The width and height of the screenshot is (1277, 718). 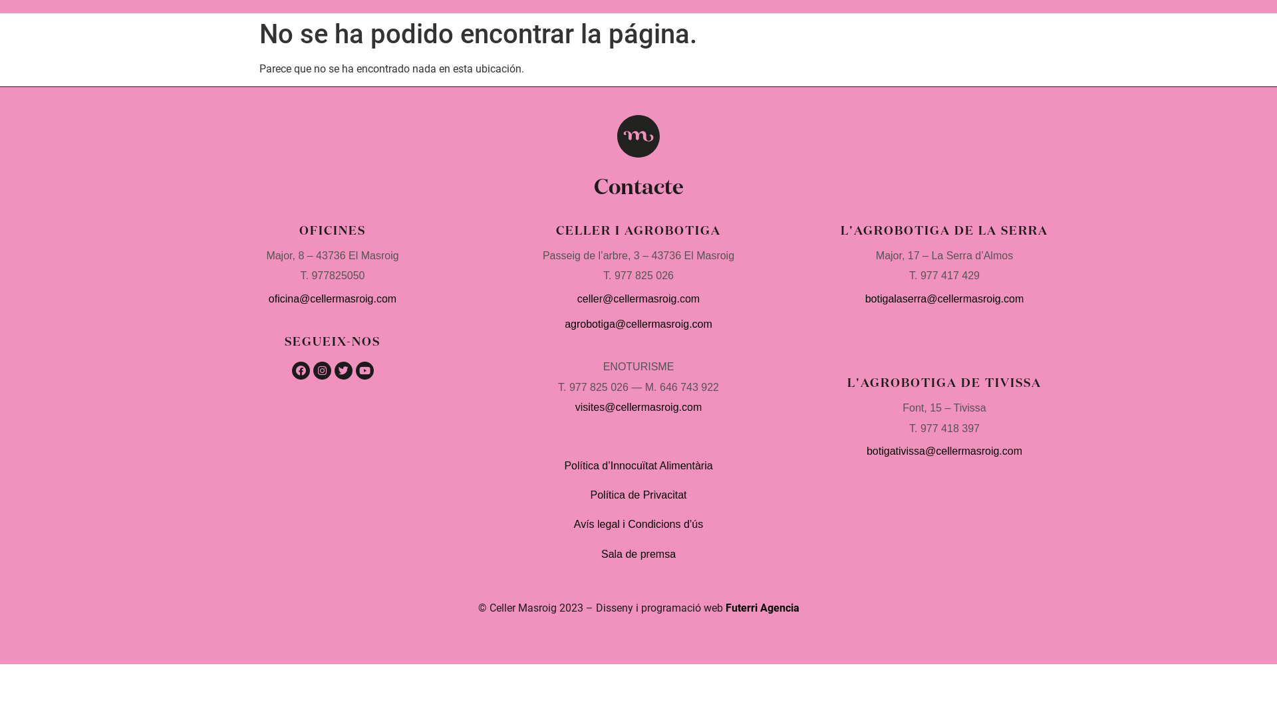 I want to click on 'botigativissa@cellermasroig.com', so click(x=944, y=450).